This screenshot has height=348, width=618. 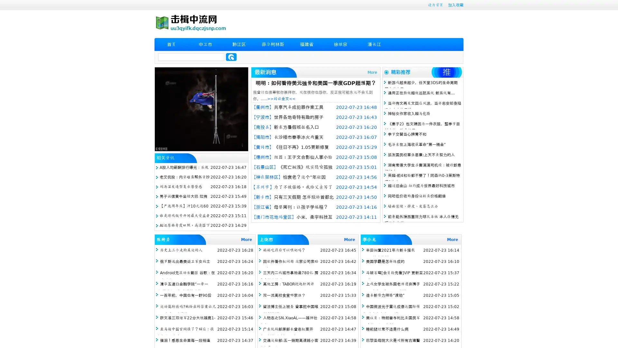 What do you see at coordinates (231, 57) in the screenshot?
I see `Search` at bounding box center [231, 57].